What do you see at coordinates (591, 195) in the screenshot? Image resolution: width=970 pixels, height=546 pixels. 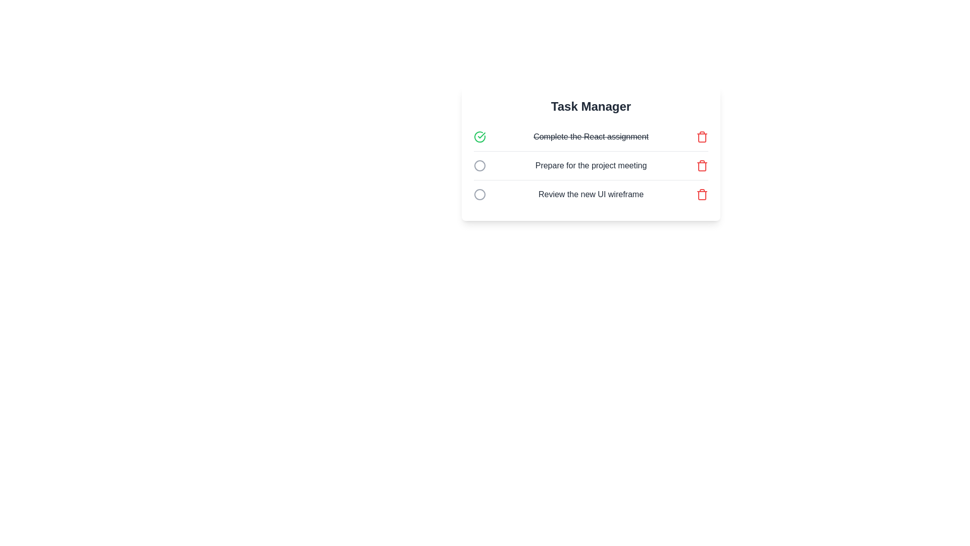 I see `the task title Review the new UI wireframe to read its content` at bounding box center [591, 195].